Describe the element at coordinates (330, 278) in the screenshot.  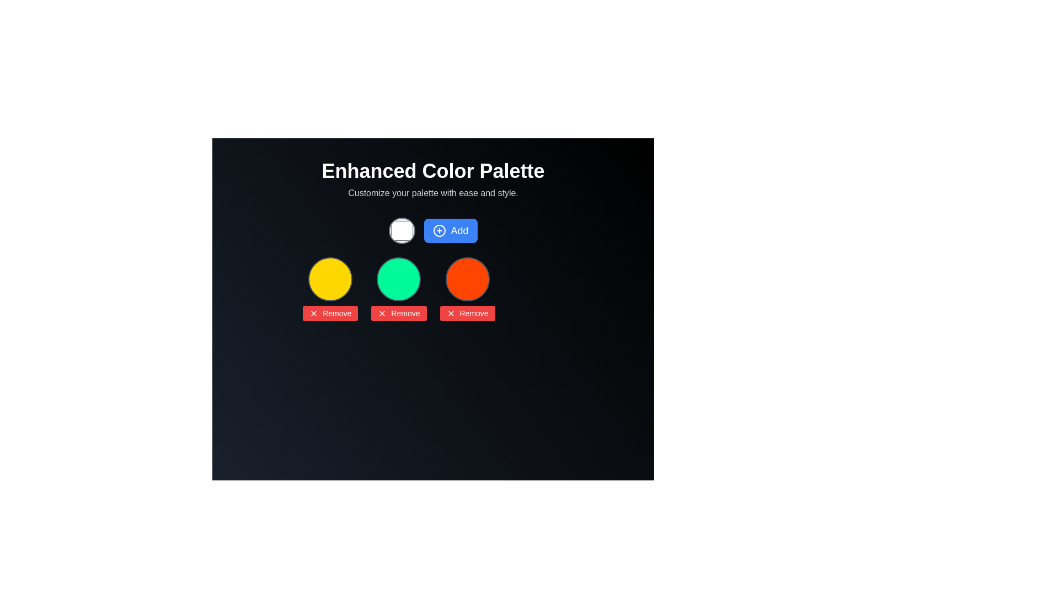
I see `the first circular color option representing yellow in the palette interface, which is located above the 'Remove' button` at that location.